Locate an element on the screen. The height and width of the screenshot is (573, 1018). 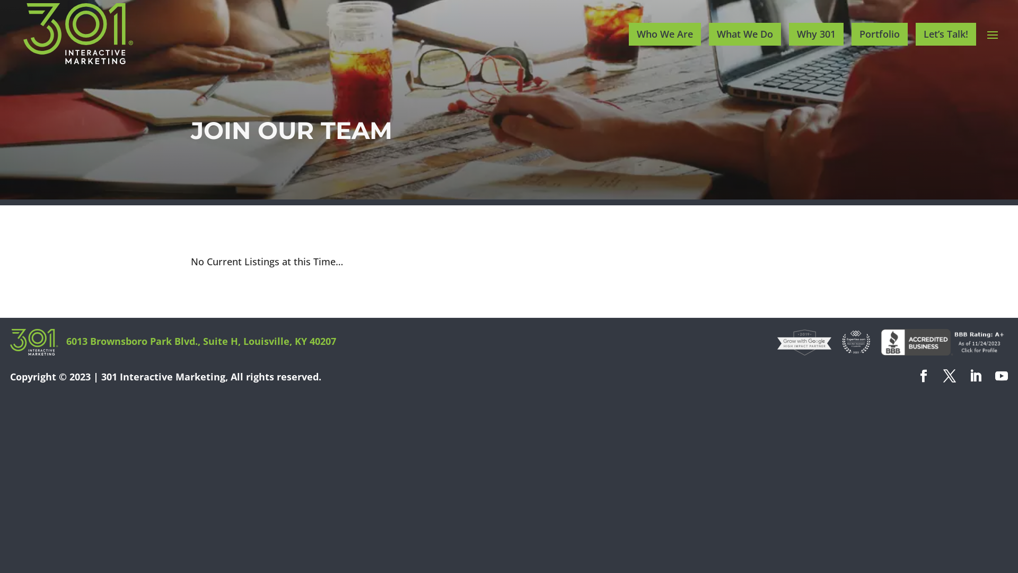
'Who We Are' is located at coordinates (664, 33).